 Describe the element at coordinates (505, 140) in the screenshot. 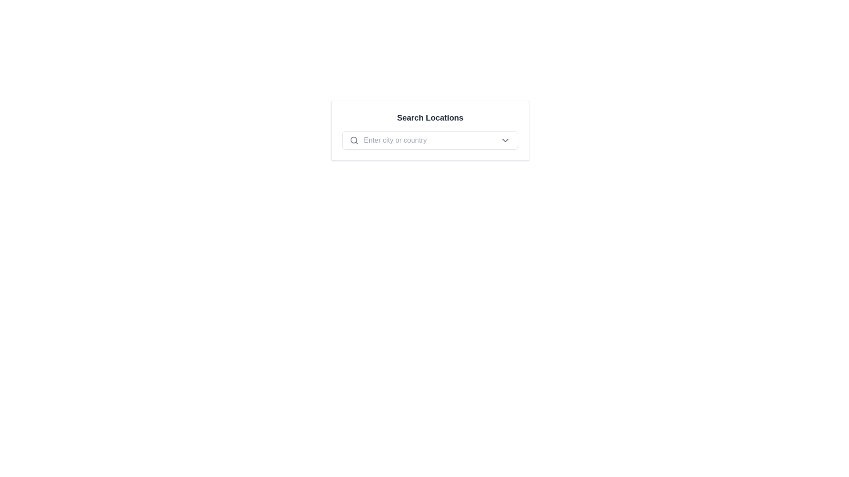

I see `the small downward-facing chevron icon, styled in dark gray, located at the far-right side inside a bordered, rounded rectangle containing a search area` at that location.